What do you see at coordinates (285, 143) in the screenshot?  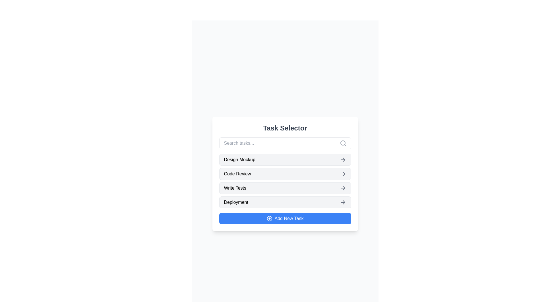 I see `the text in the search input field located in the 'Task Selector' modal and press delete to clear it` at bounding box center [285, 143].